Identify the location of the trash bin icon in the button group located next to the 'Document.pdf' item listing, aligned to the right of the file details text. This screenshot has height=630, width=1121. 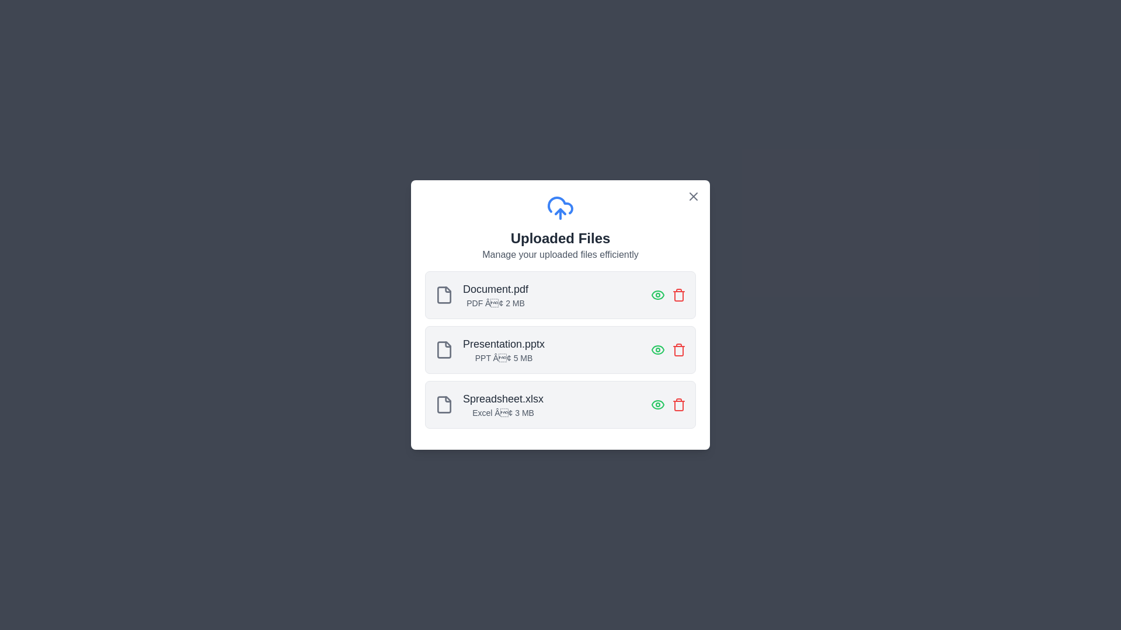
(669, 294).